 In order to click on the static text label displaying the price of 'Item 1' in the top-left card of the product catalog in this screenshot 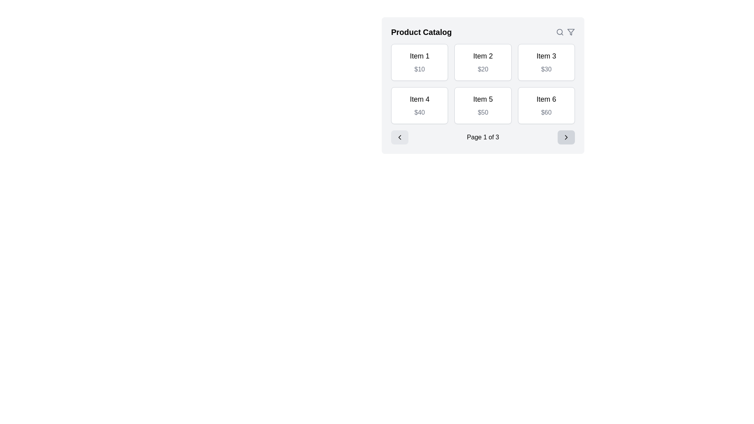, I will do `click(419, 69)`.